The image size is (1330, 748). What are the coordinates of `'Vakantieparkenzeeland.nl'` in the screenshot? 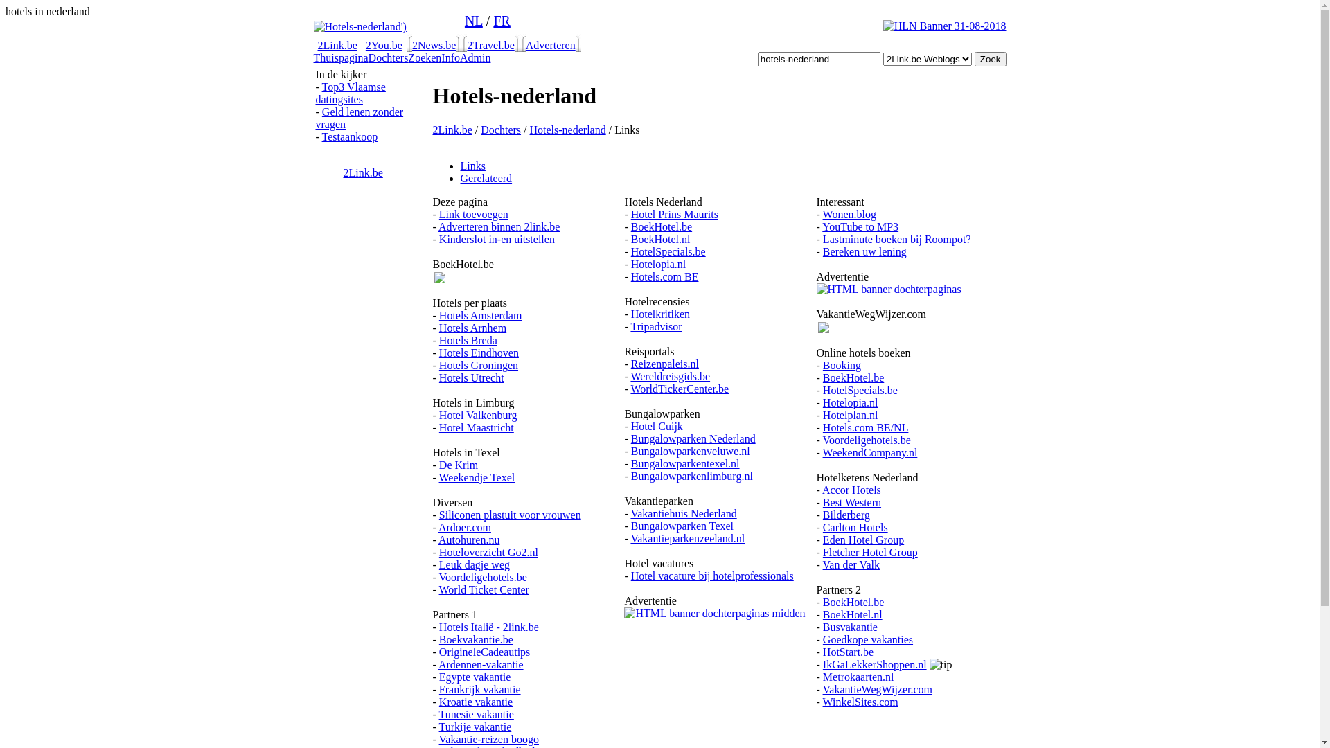 It's located at (687, 537).